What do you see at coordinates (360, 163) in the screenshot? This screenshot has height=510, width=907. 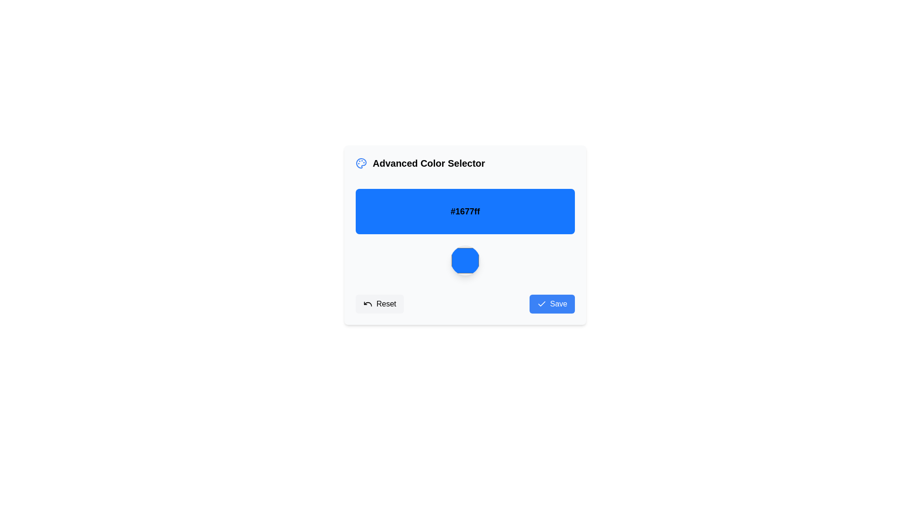 I see `the main circular body of the palette icon located to the left of the text 'Advanced Color Selector'` at bounding box center [360, 163].